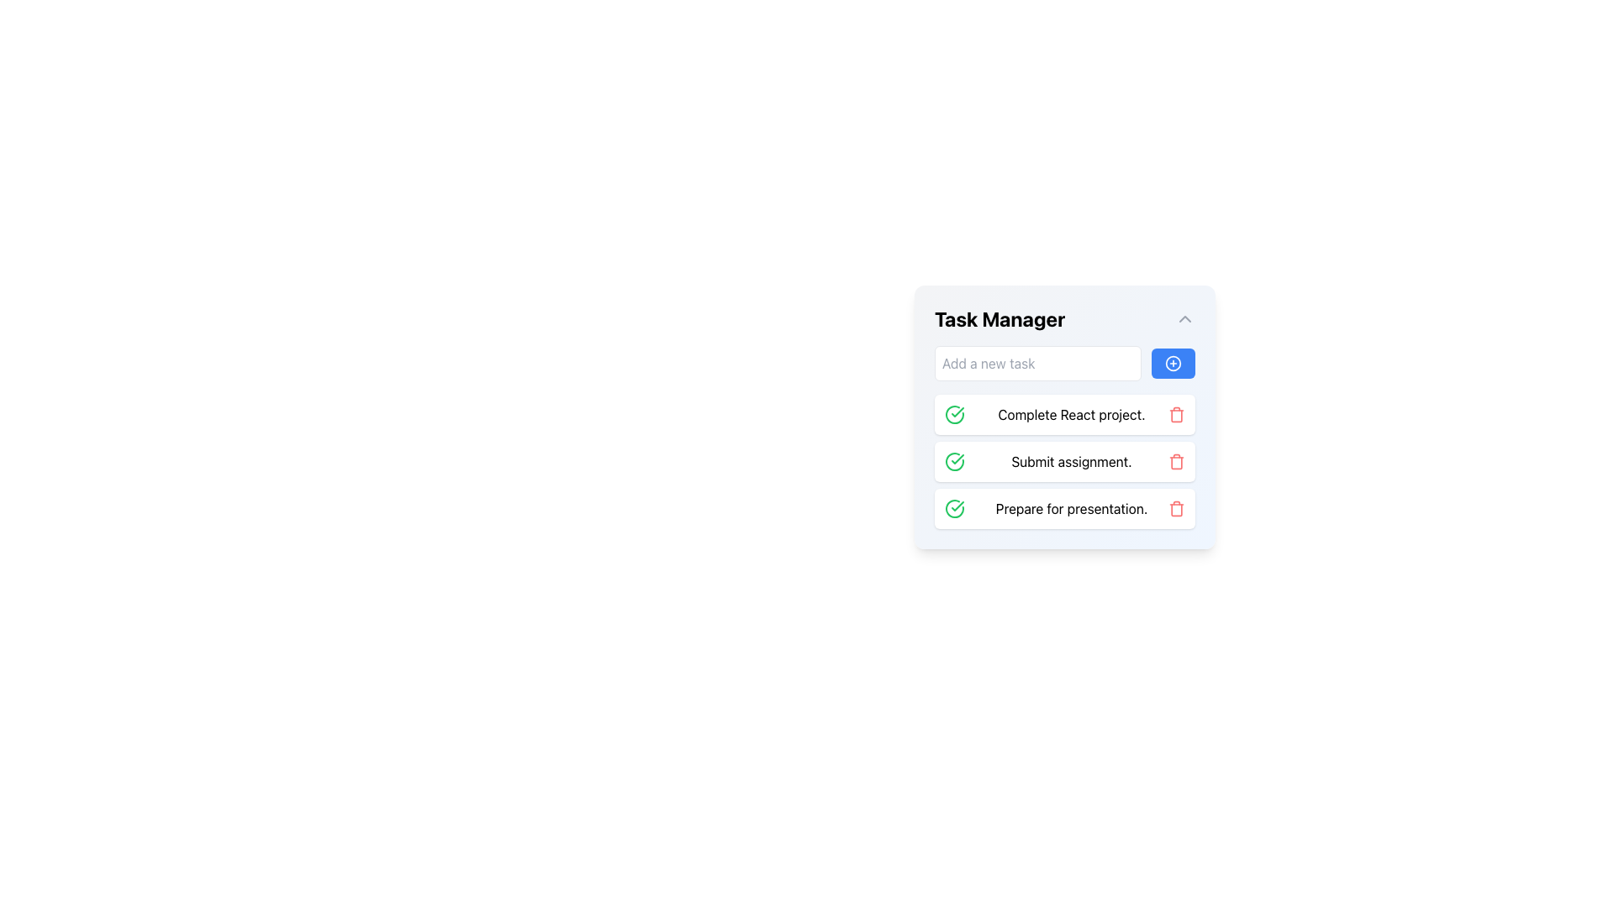  What do you see at coordinates (955, 414) in the screenshot?
I see `the status indicator icon located to the left of the 'Complete React project.' task in the task manager interface` at bounding box center [955, 414].